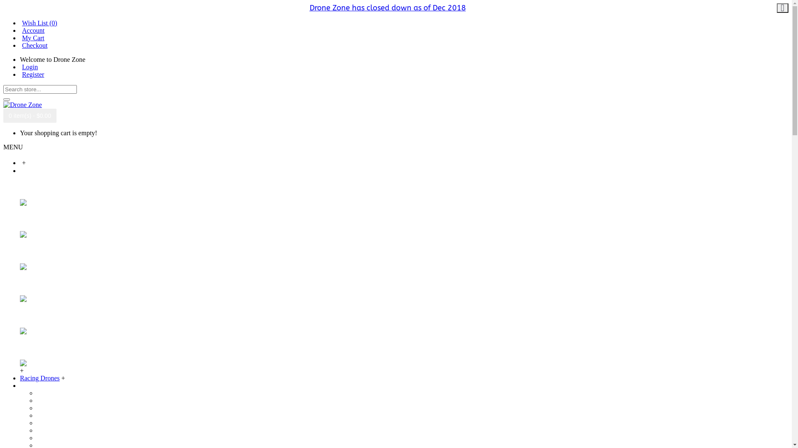 The image size is (798, 448). I want to click on 'Checkout', so click(33, 45).